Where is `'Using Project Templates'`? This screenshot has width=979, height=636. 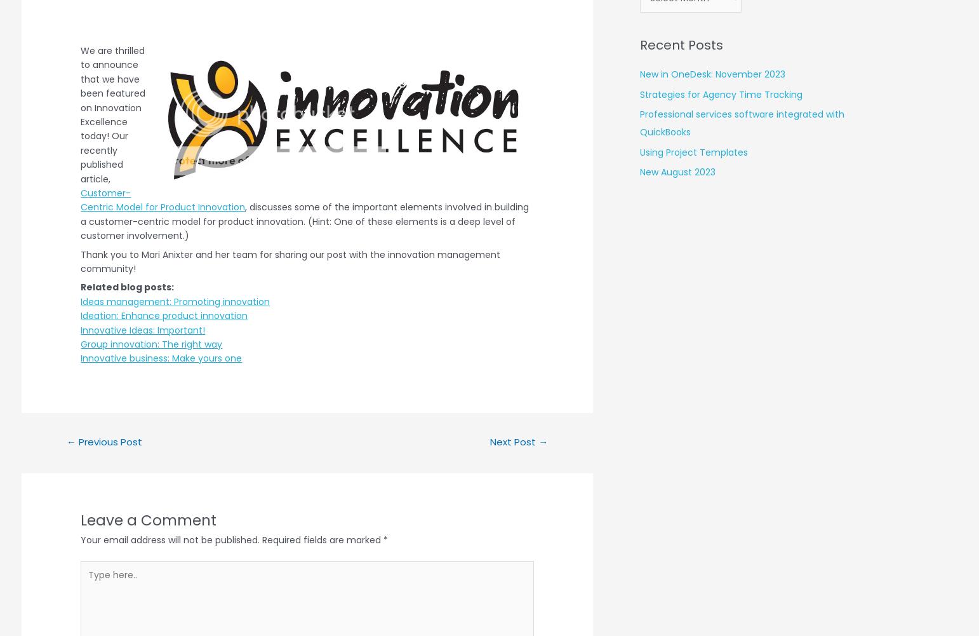 'Using Project Templates' is located at coordinates (693, 151).